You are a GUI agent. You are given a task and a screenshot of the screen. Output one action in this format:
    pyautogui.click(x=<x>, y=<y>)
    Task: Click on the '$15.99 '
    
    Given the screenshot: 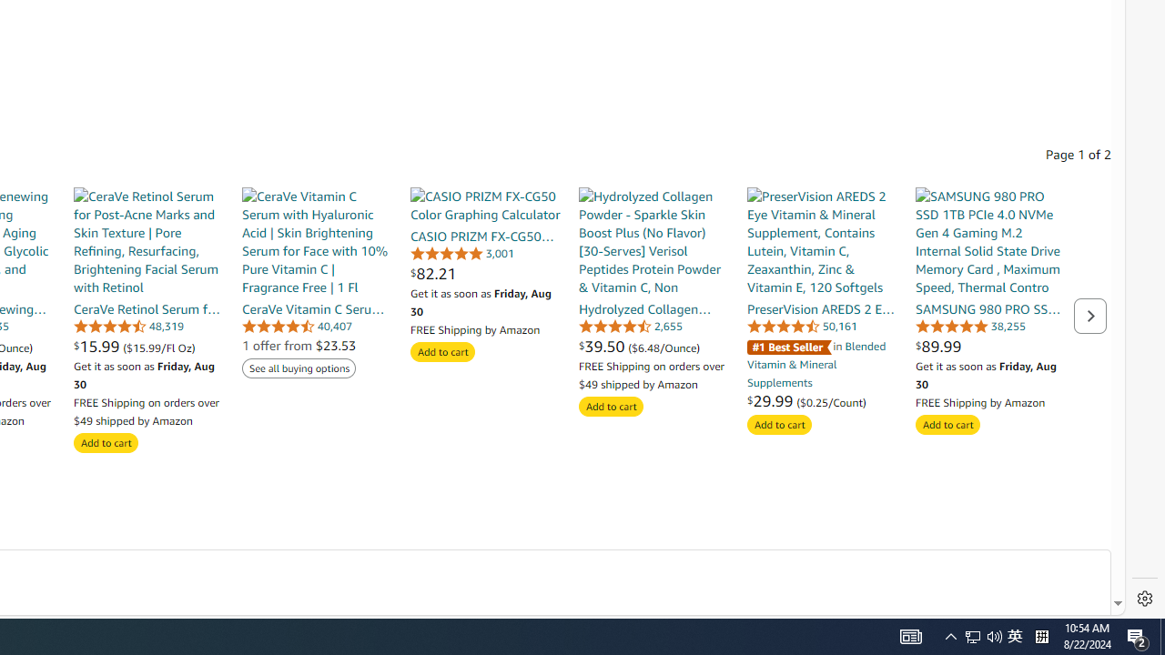 What is the action you would take?
    pyautogui.click(x=97, y=346)
    